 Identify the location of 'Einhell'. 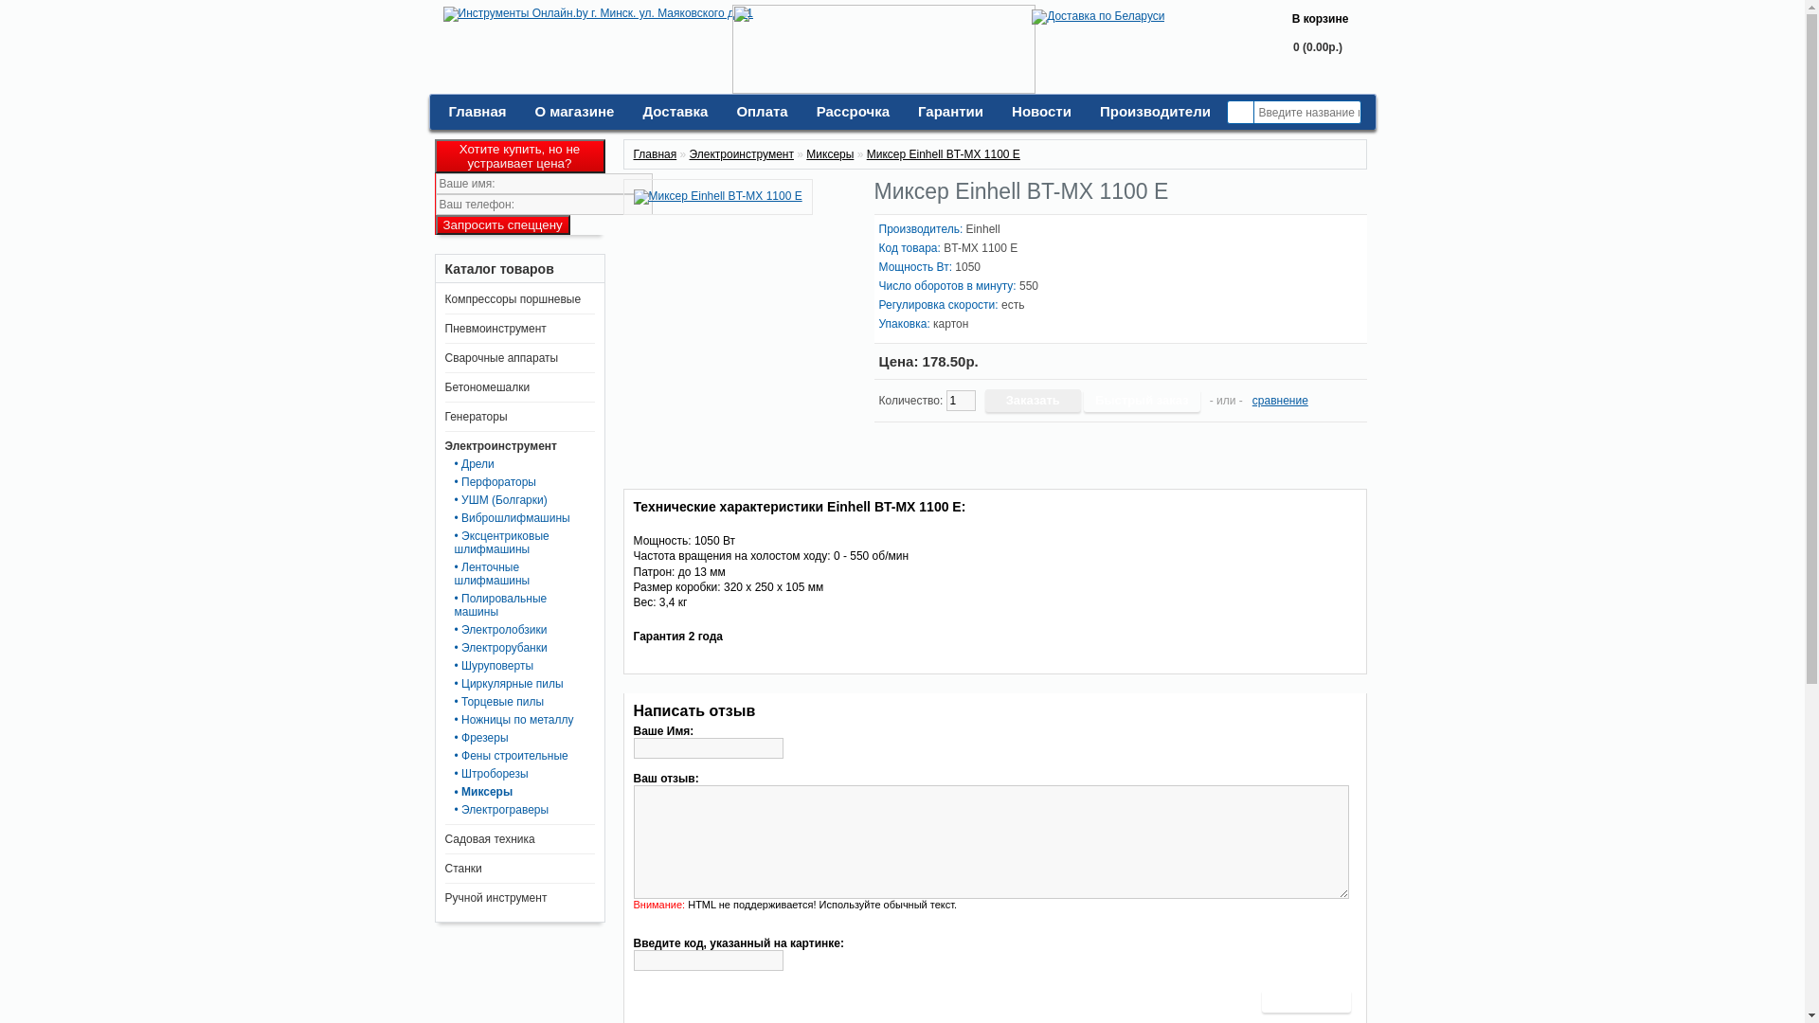
(982, 228).